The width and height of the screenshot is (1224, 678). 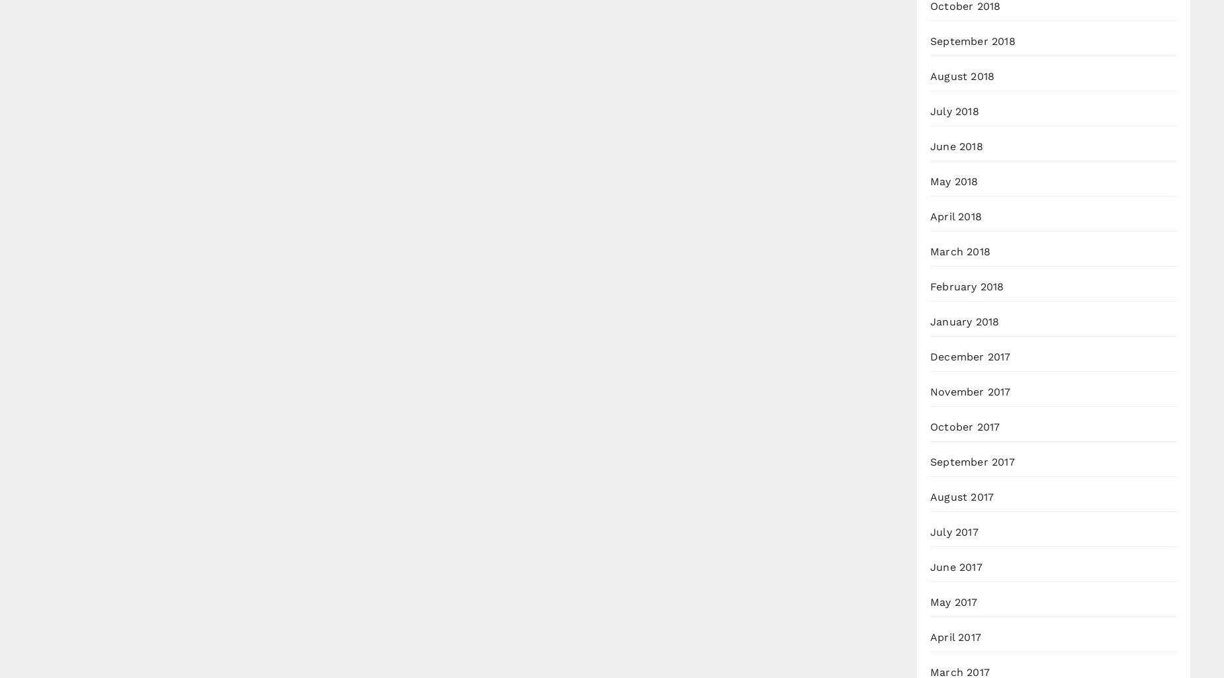 I want to click on 'July 2017', so click(x=930, y=531).